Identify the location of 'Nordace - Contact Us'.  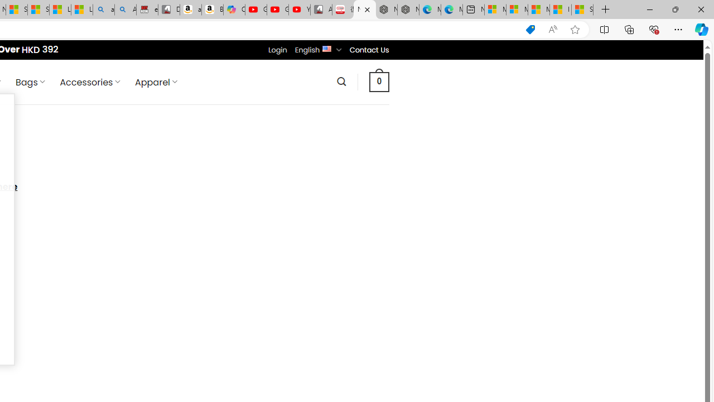
(365, 9).